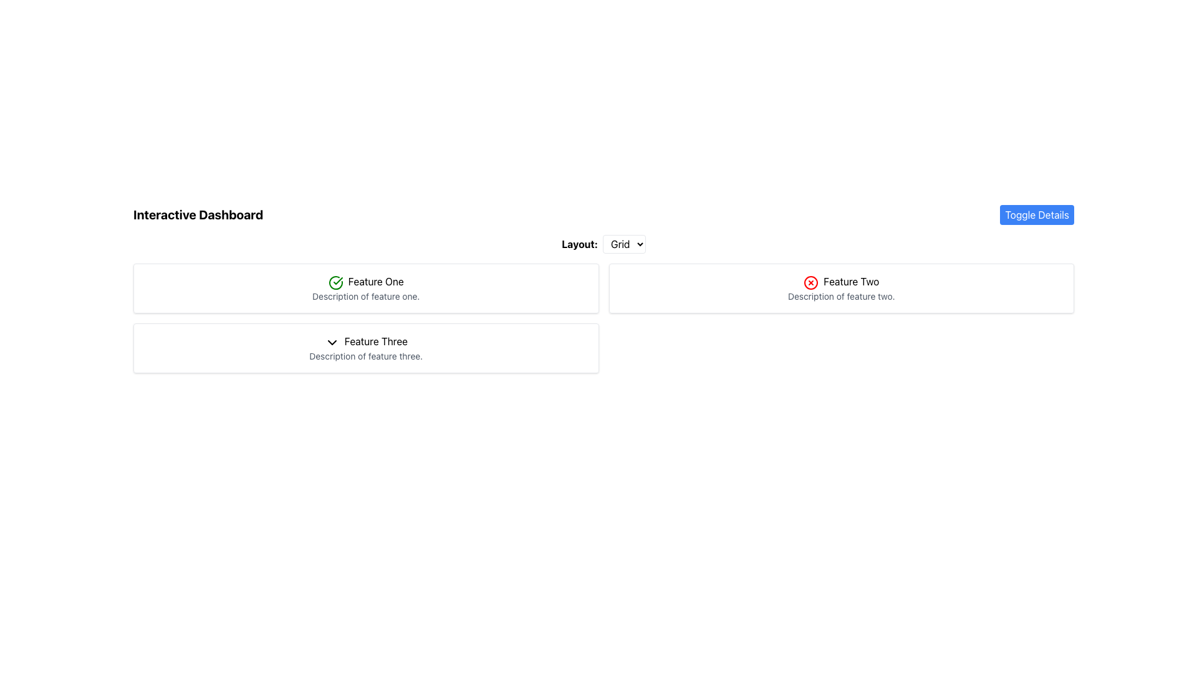 The width and height of the screenshot is (1197, 673). I want to click on details of the Feature Card located in the top-left quadrant, indicating a successfully completed or active feature, so click(365, 288).